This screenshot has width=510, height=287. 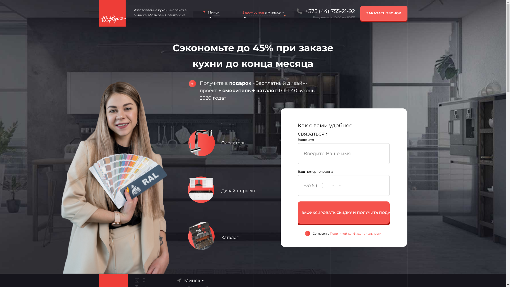 I want to click on '+375 (44) 755-21-92', so click(x=302, y=11).